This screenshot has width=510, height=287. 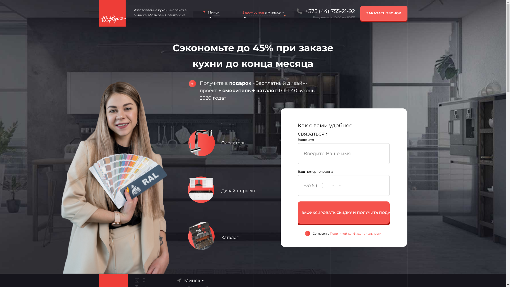 I want to click on '+375 (44) 755-21-92', so click(x=302, y=11).